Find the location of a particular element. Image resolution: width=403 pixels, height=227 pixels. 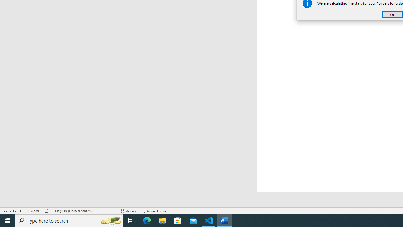

'Start' is located at coordinates (8, 220).